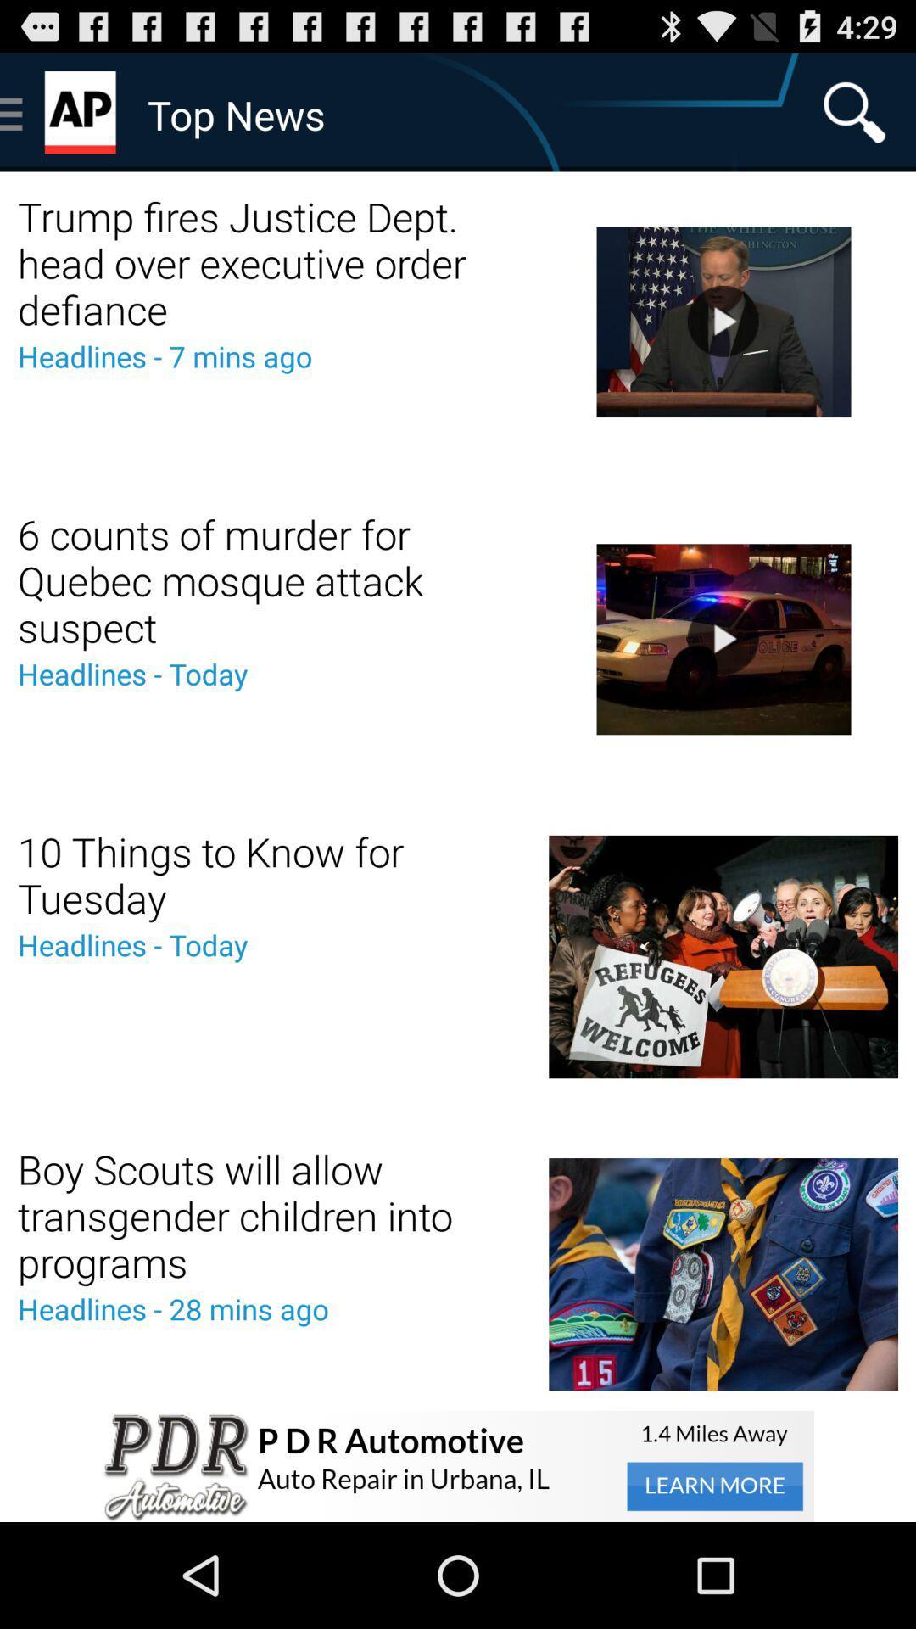  I want to click on the icon which is left to the top news, so click(82, 112).